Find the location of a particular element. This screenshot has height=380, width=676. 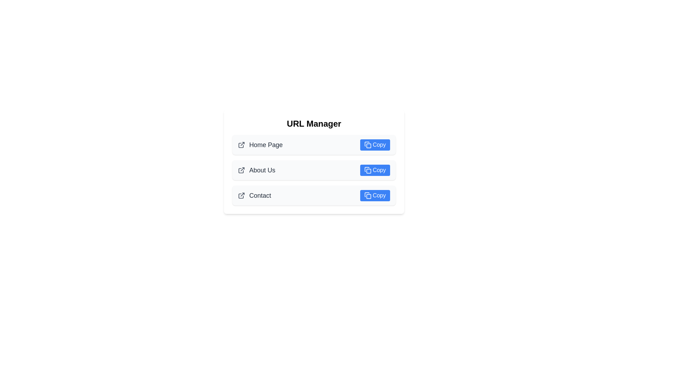

label indicating the function of the 'Copy' button, which is located to the right of the 'Contact' label in the right column of the third row of a vertical list is located at coordinates (379, 195).